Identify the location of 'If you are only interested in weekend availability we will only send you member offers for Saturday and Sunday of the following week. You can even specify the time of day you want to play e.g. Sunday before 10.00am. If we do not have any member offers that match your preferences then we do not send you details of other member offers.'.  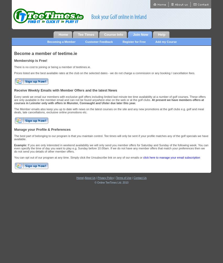
(111, 148).